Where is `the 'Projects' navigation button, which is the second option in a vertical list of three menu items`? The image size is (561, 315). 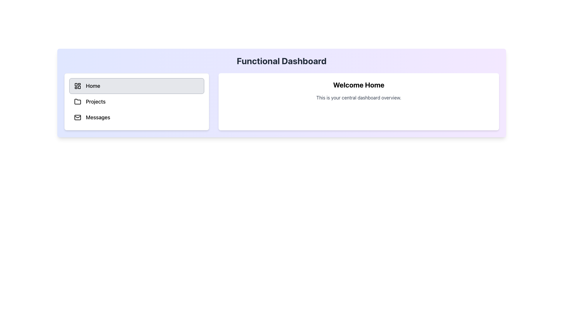 the 'Projects' navigation button, which is the second option in a vertical list of three menu items is located at coordinates (136, 101).